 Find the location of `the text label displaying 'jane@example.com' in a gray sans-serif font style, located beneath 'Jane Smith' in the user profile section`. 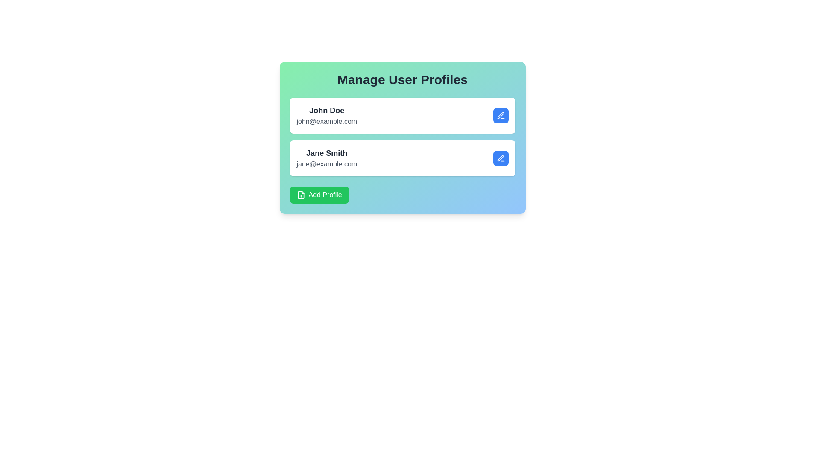

the text label displaying 'jane@example.com' in a gray sans-serif font style, located beneath 'Jane Smith' in the user profile section is located at coordinates (326, 164).